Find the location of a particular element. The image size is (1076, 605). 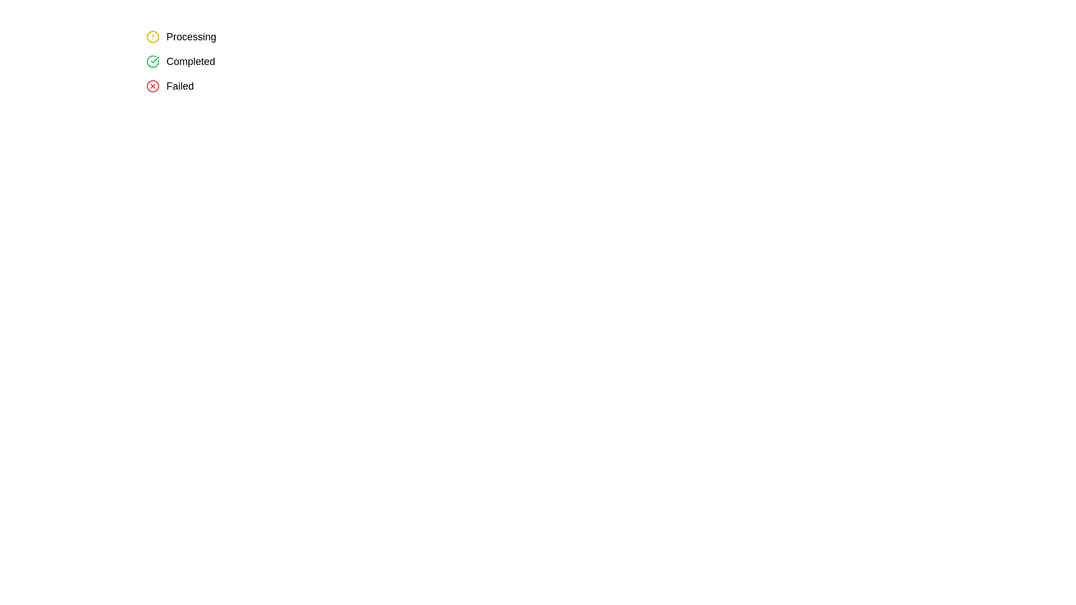

the completed status indicator icon located to the left of the text 'Completed', which is part of a horizontal grouping of status elements is located at coordinates (152, 62).